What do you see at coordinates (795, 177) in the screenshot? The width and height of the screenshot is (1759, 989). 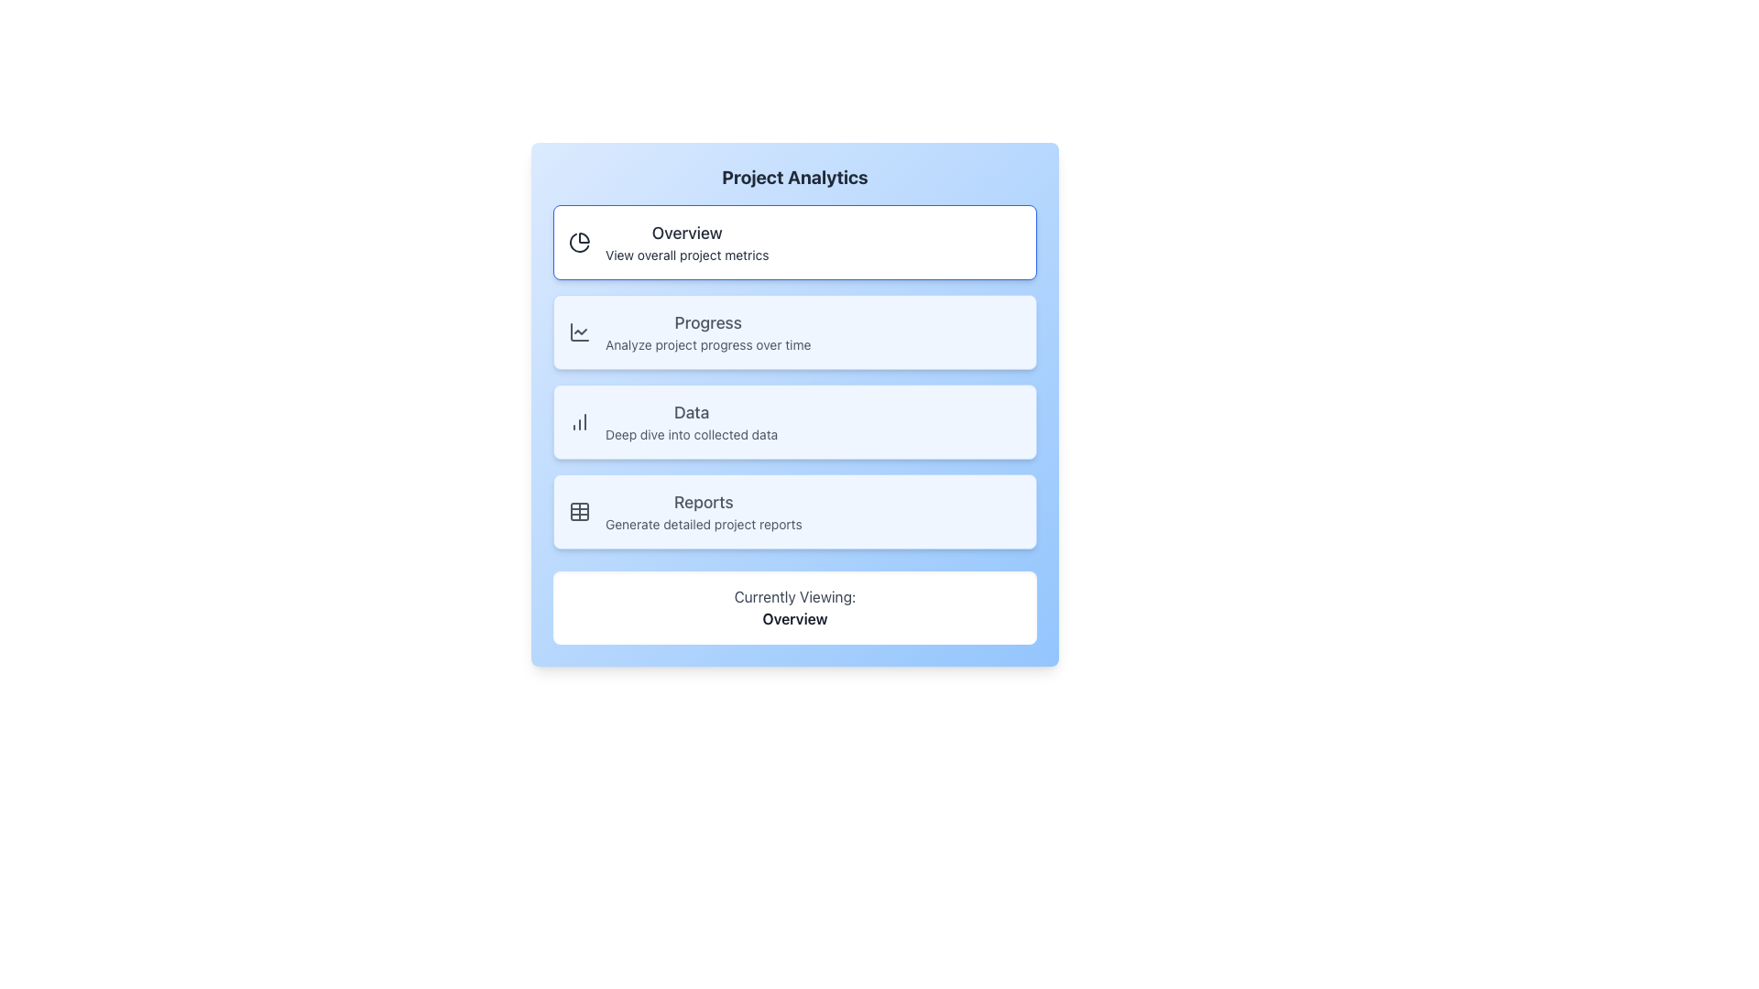 I see `the prominently displayed text block labeled 'Project Analytics', which is styled with a bold font and is positioned at the top-center of a card with a gradient blue background` at bounding box center [795, 177].